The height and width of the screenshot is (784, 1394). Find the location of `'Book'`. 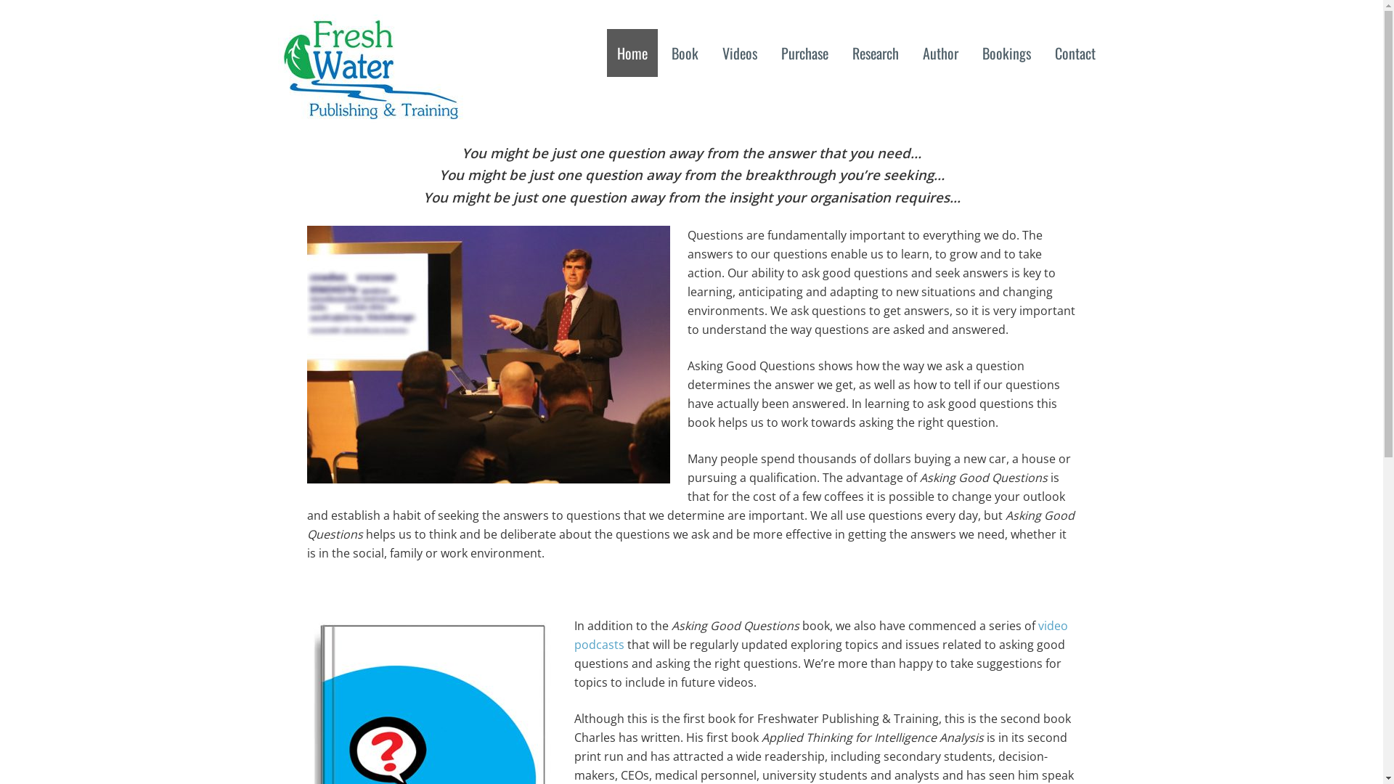

'Book' is located at coordinates (683, 52).